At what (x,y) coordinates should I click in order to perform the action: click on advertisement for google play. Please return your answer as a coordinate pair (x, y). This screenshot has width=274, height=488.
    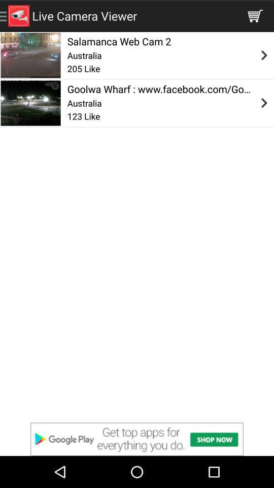
    Looking at the image, I should click on (137, 439).